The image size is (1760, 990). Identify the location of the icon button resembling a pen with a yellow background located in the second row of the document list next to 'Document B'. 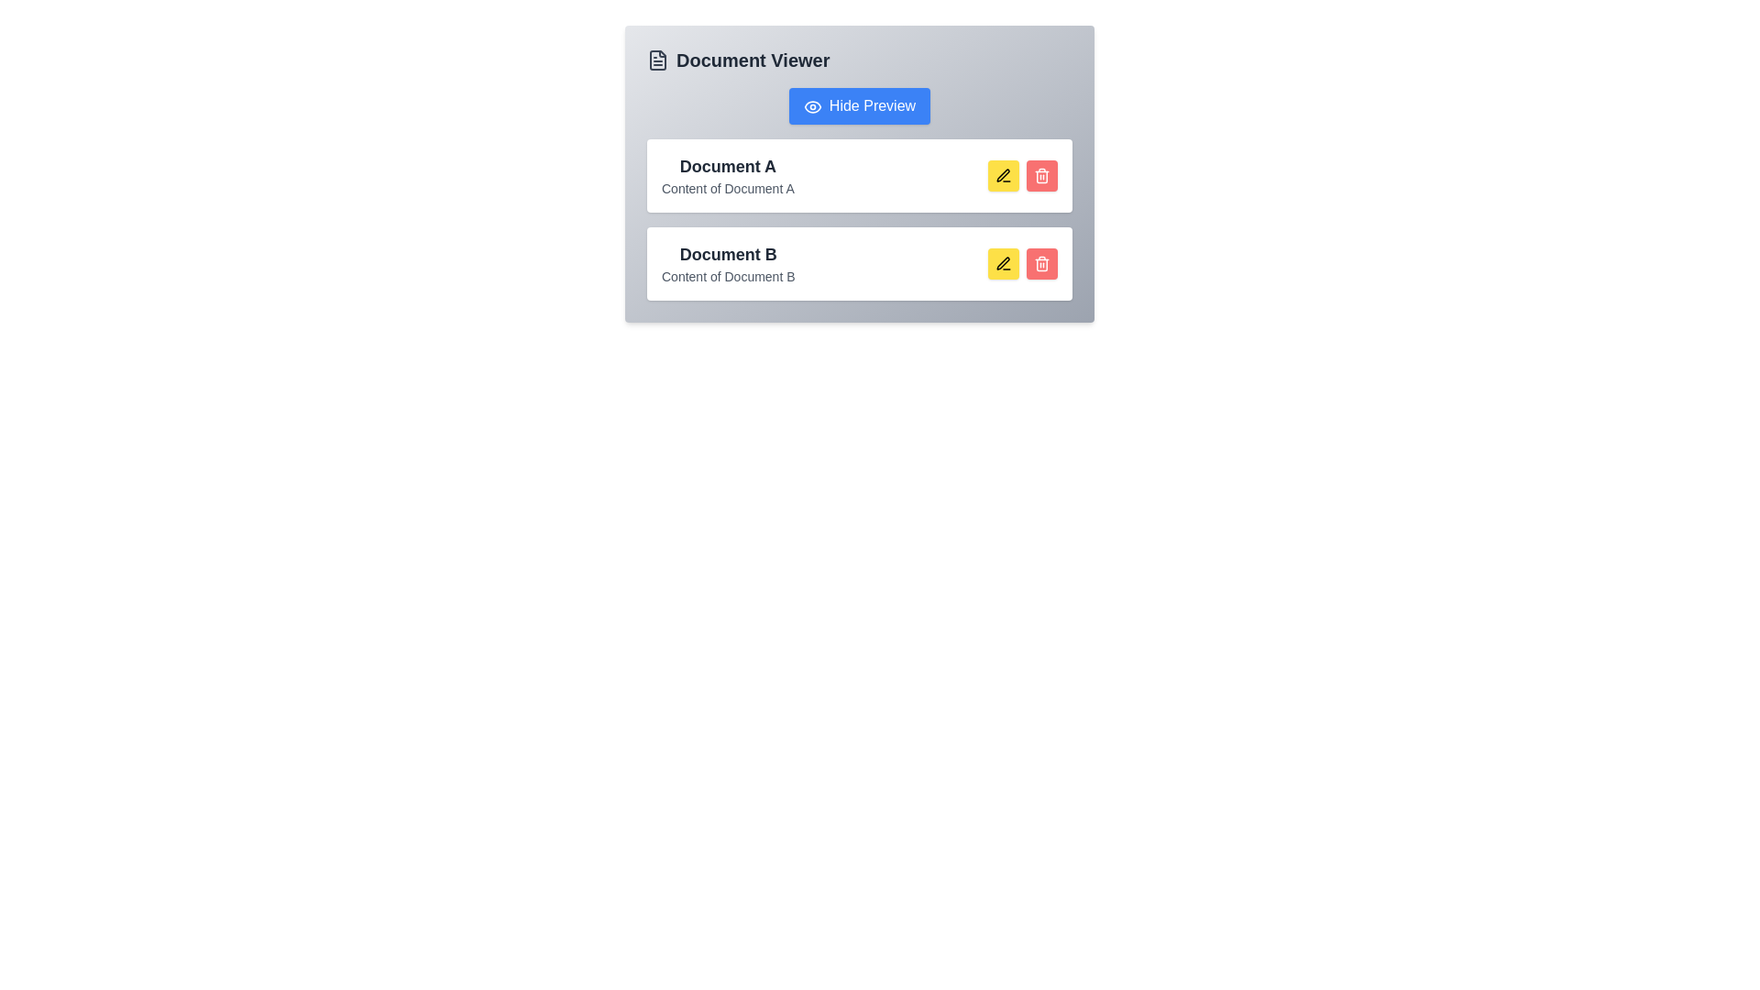
(1002, 176).